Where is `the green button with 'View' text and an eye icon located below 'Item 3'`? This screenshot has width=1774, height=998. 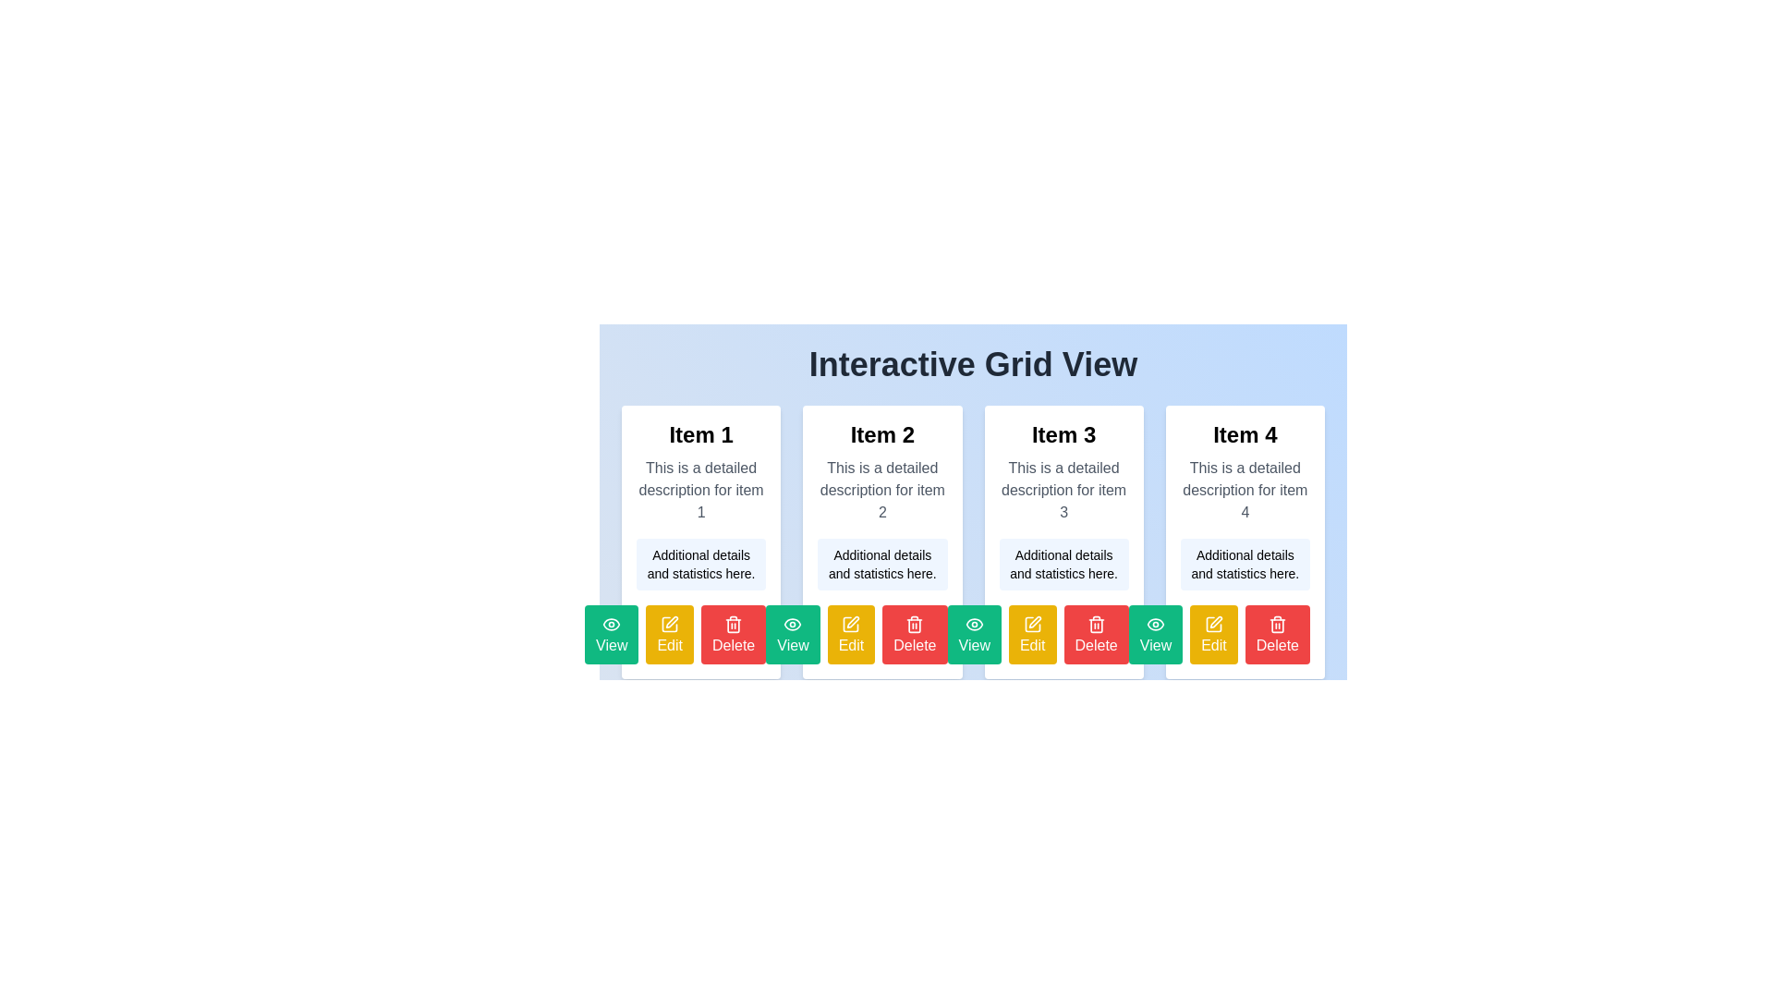
the green button with 'View' text and an eye icon located below 'Item 3' is located at coordinates (1155, 633).